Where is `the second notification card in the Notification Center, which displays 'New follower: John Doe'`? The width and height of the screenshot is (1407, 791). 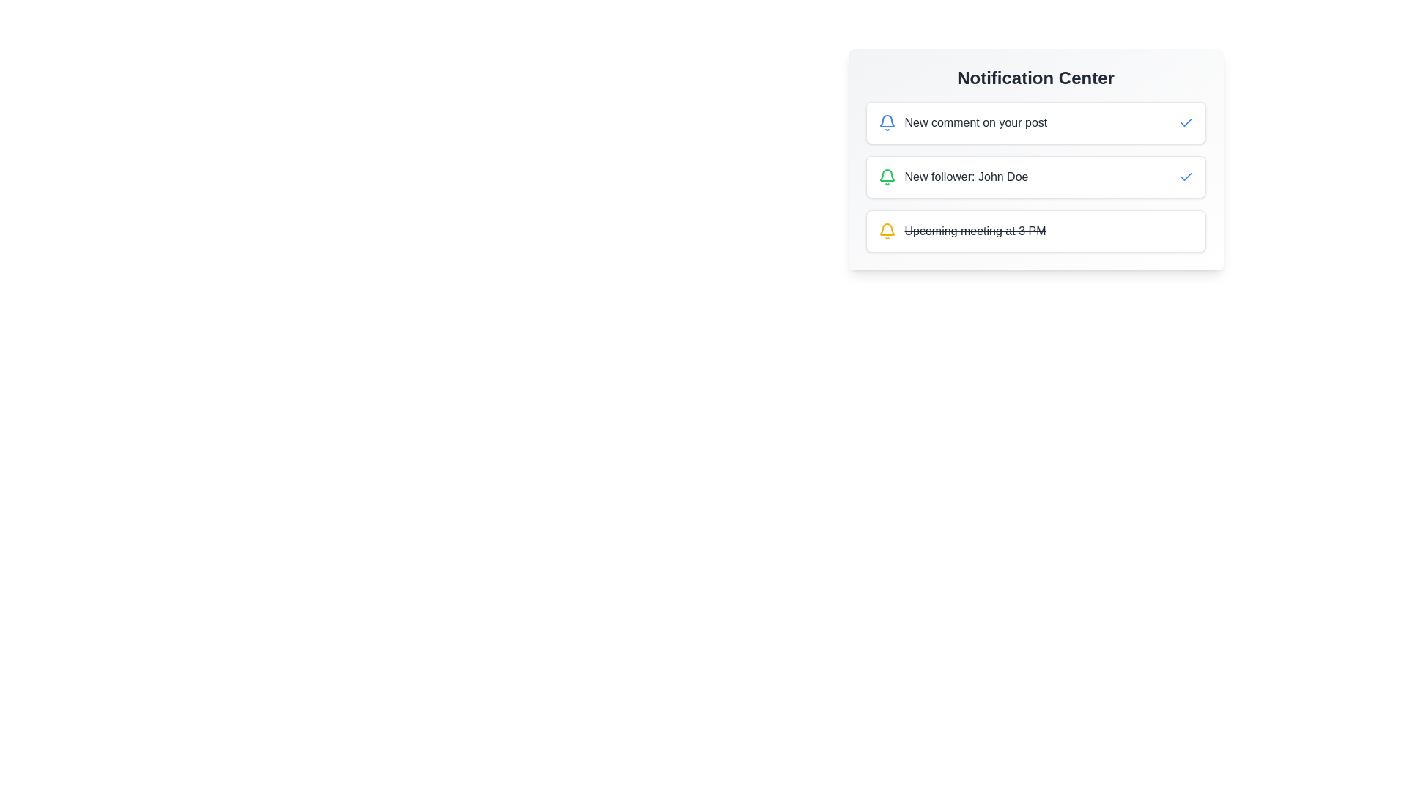
the second notification card in the Notification Center, which displays 'New follower: John Doe' is located at coordinates (1035, 160).